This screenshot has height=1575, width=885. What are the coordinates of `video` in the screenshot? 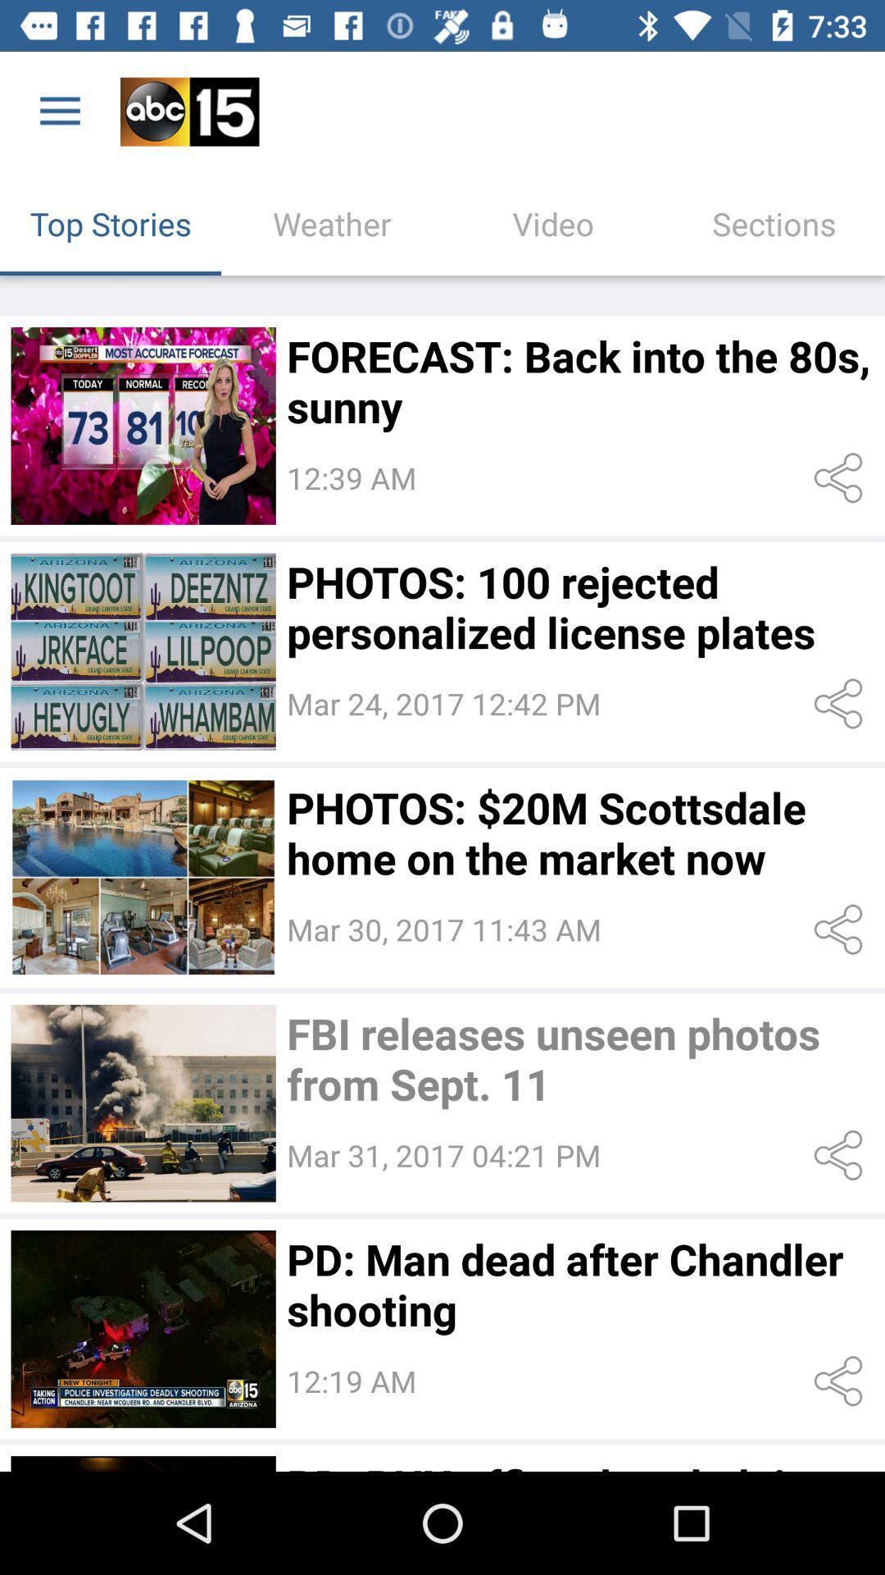 It's located at (143, 426).